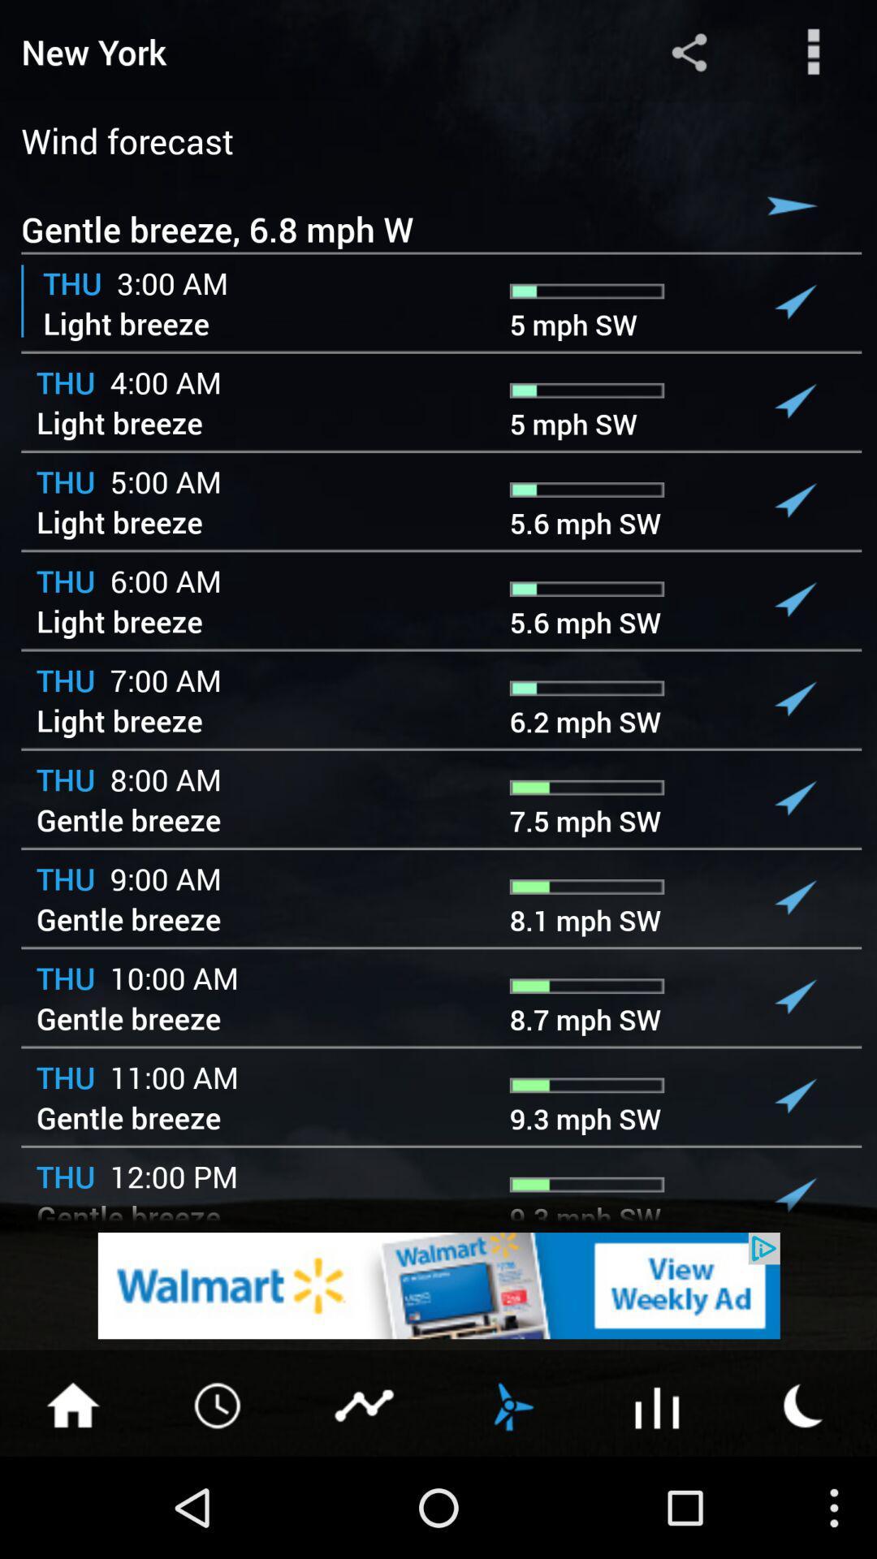 The height and width of the screenshot is (1559, 877). Describe the element at coordinates (71, 1403) in the screenshot. I see `home page icon` at that location.